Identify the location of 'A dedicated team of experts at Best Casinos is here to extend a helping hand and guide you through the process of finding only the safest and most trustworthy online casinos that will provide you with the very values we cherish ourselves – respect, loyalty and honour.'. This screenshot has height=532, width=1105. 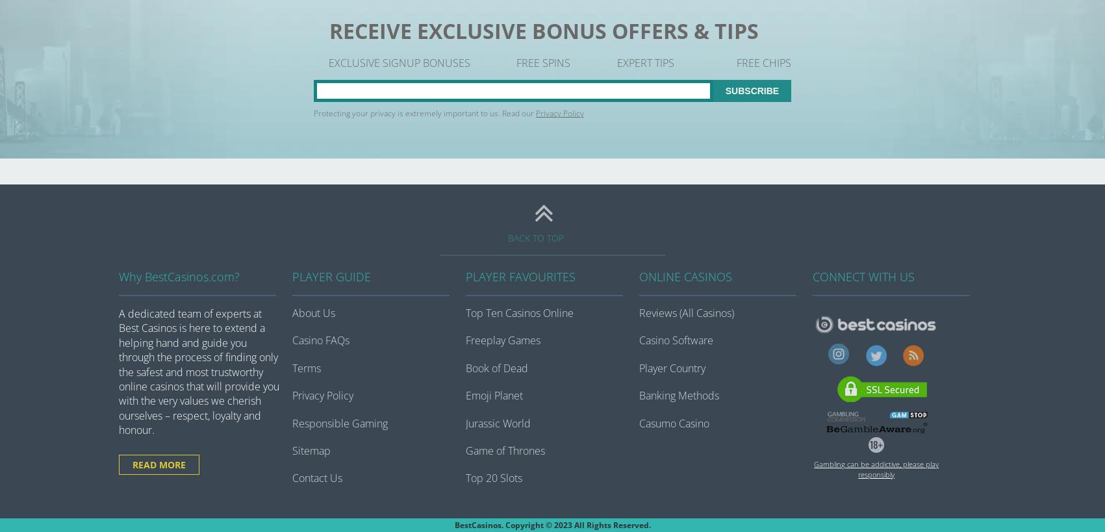
(198, 372).